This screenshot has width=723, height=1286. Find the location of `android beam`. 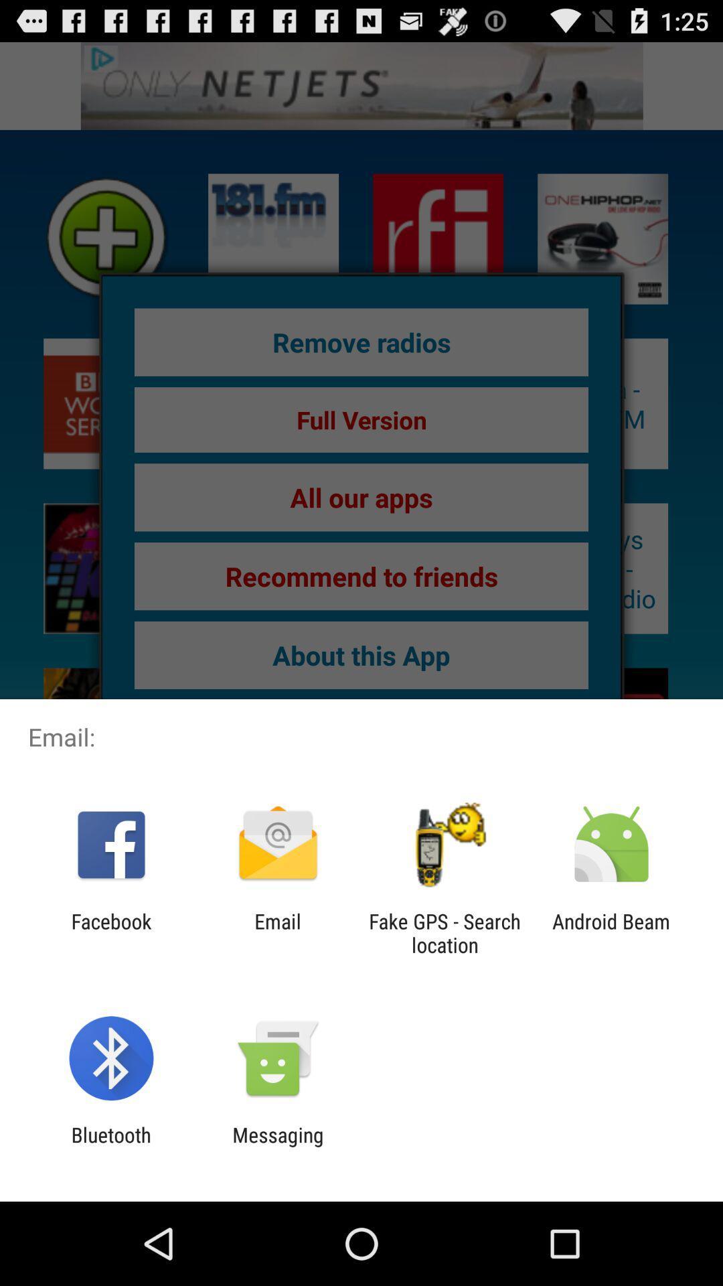

android beam is located at coordinates (611, 932).